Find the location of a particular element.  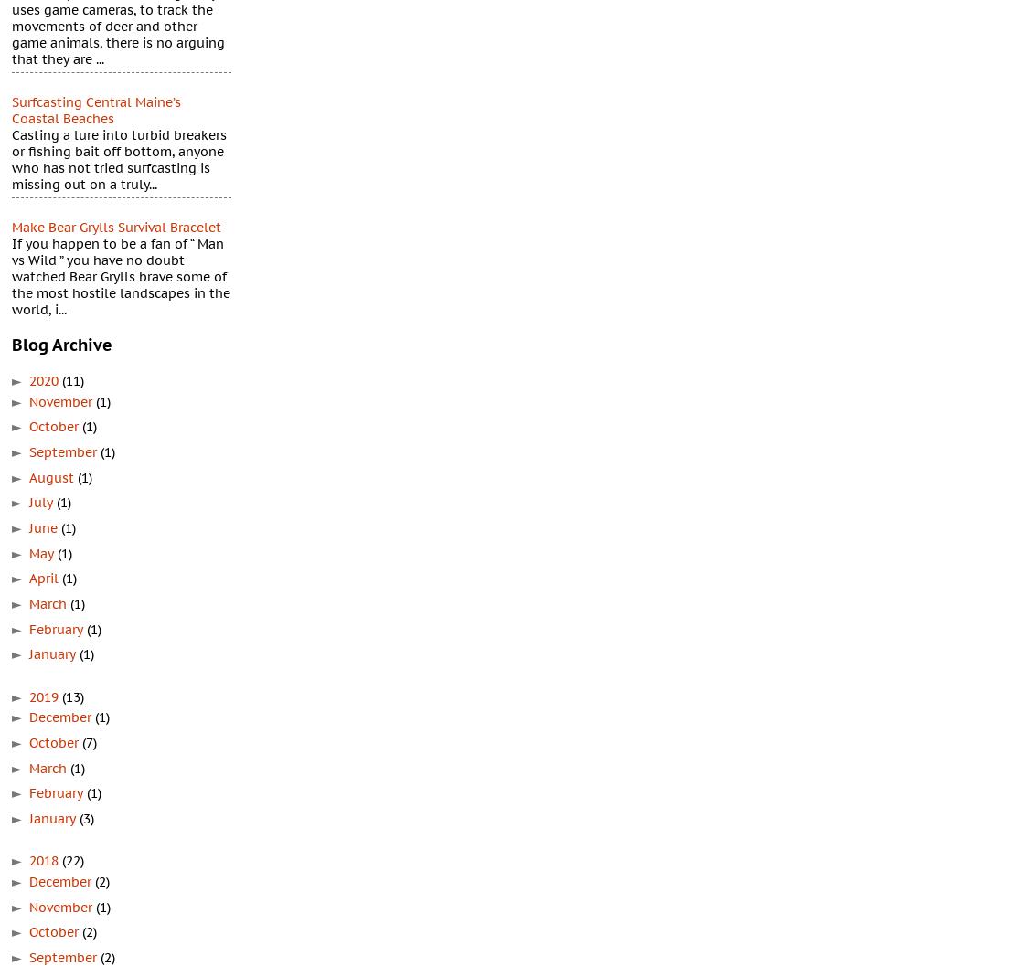

'2020' is located at coordinates (45, 379).